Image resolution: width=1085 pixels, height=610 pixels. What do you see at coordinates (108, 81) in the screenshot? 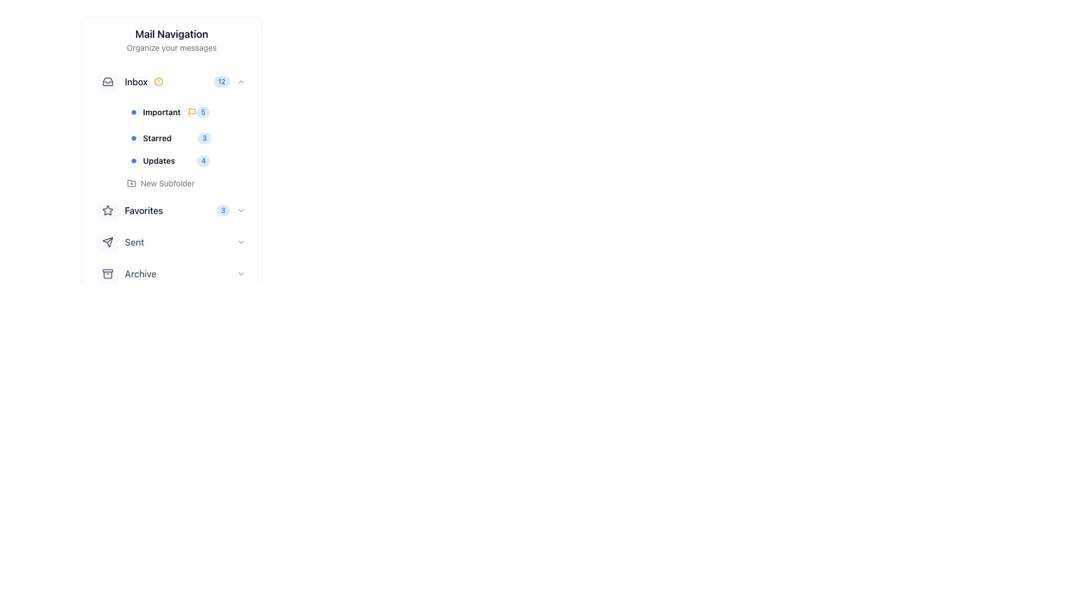
I see `the 'Inbox' icon represented by a small rounded rectangular icon with a gray background and a blue overlay, located in the upper-left of the interface within the 'Mail Navigation' menu` at bounding box center [108, 81].